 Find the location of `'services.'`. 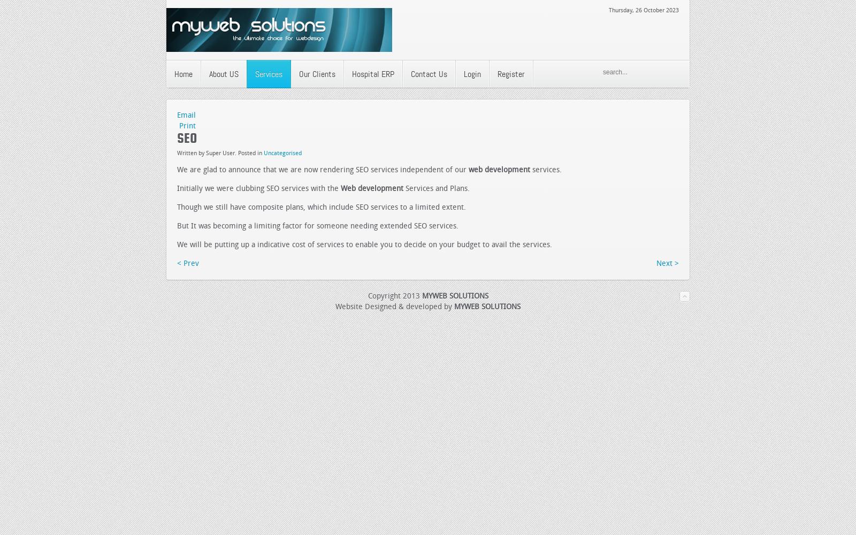

'services.' is located at coordinates (546, 169).